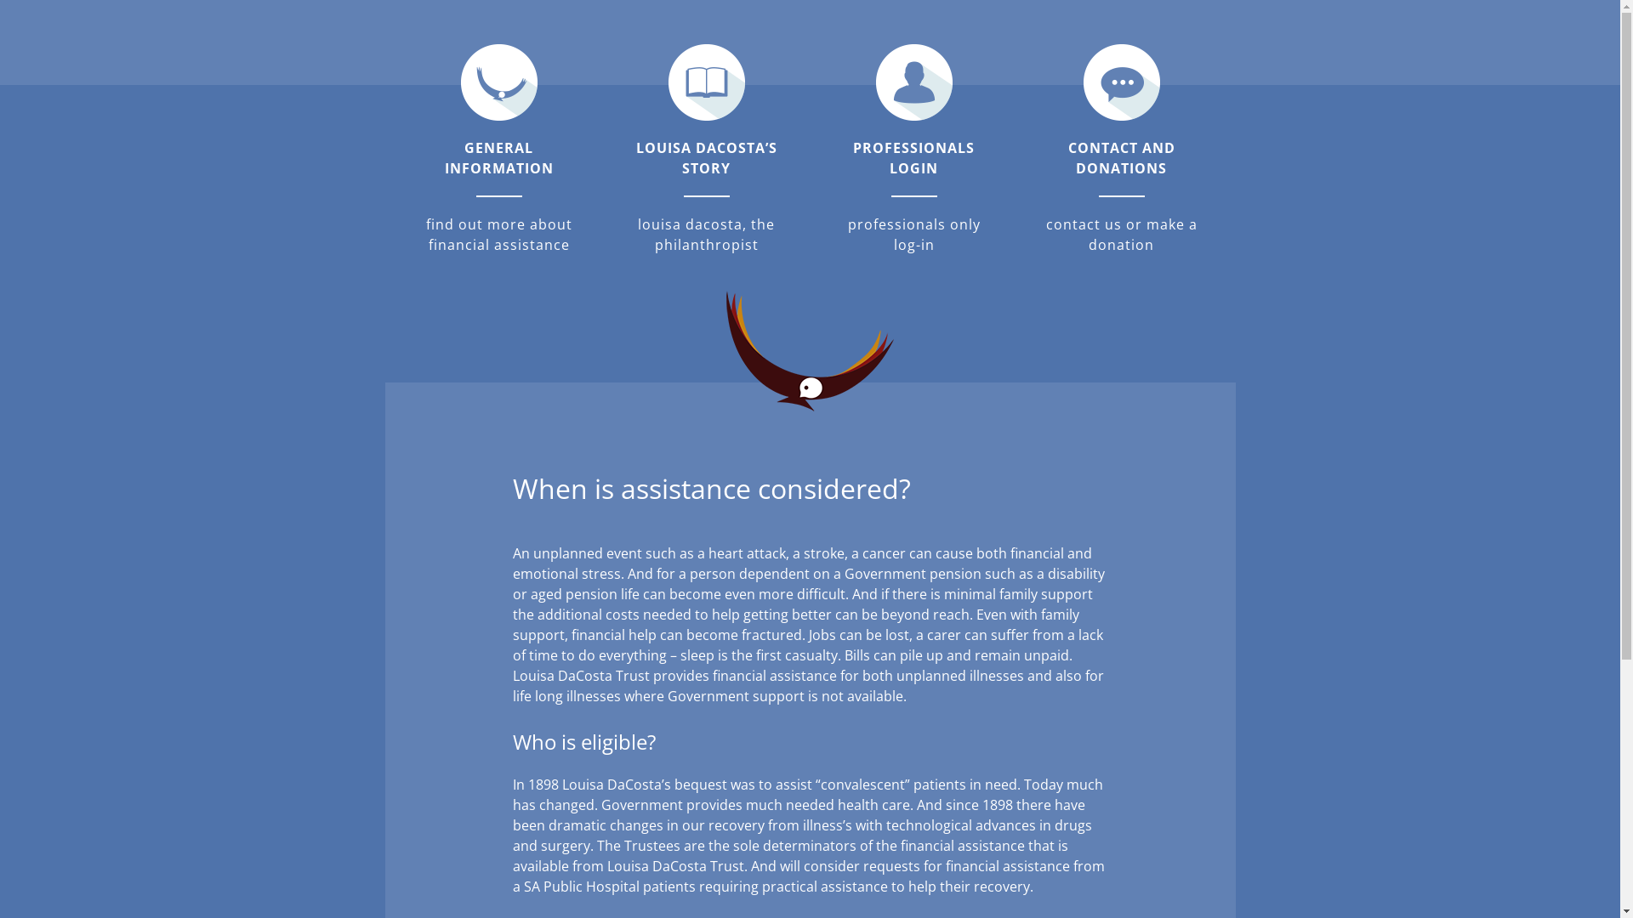  Describe the element at coordinates (0, 0) in the screenshot. I see `'Skip to content'` at that location.